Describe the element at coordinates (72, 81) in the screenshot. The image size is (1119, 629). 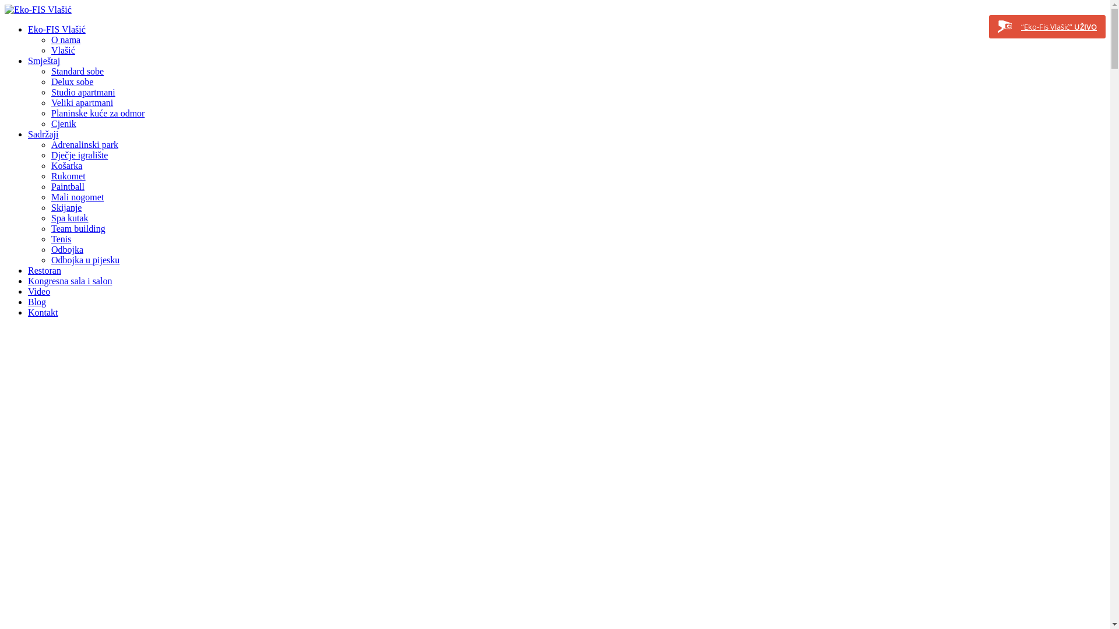
I see `'Delux sobe'` at that location.